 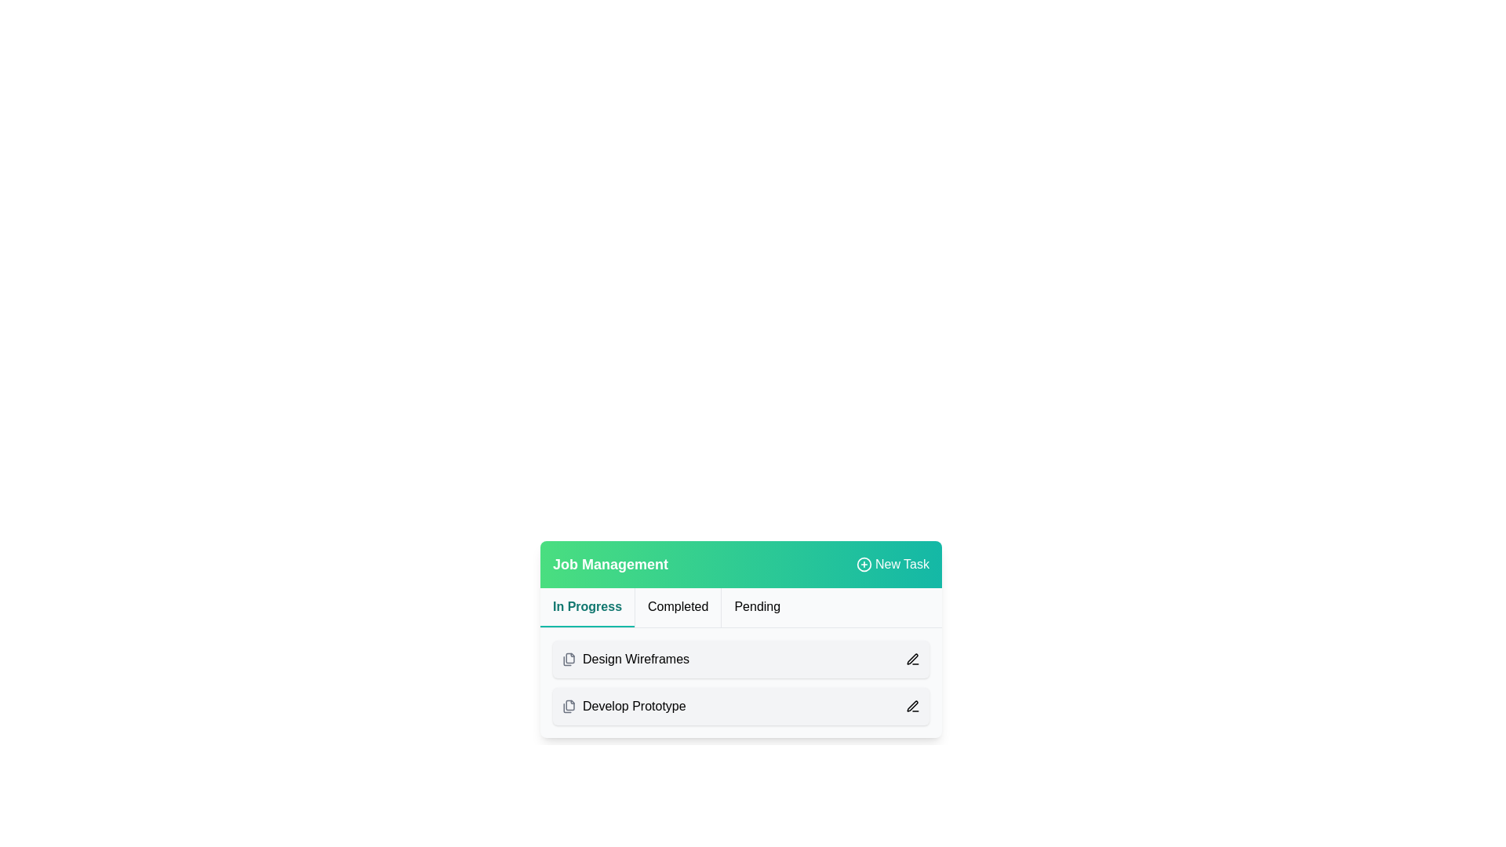 What do you see at coordinates (912, 659) in the screenshot?
I see `the edit icon (pen) located on the right side of the 'Develop Prototype' row in the 'In Progress' section of the 'Job Management' card` at bounding box center [912, 659].